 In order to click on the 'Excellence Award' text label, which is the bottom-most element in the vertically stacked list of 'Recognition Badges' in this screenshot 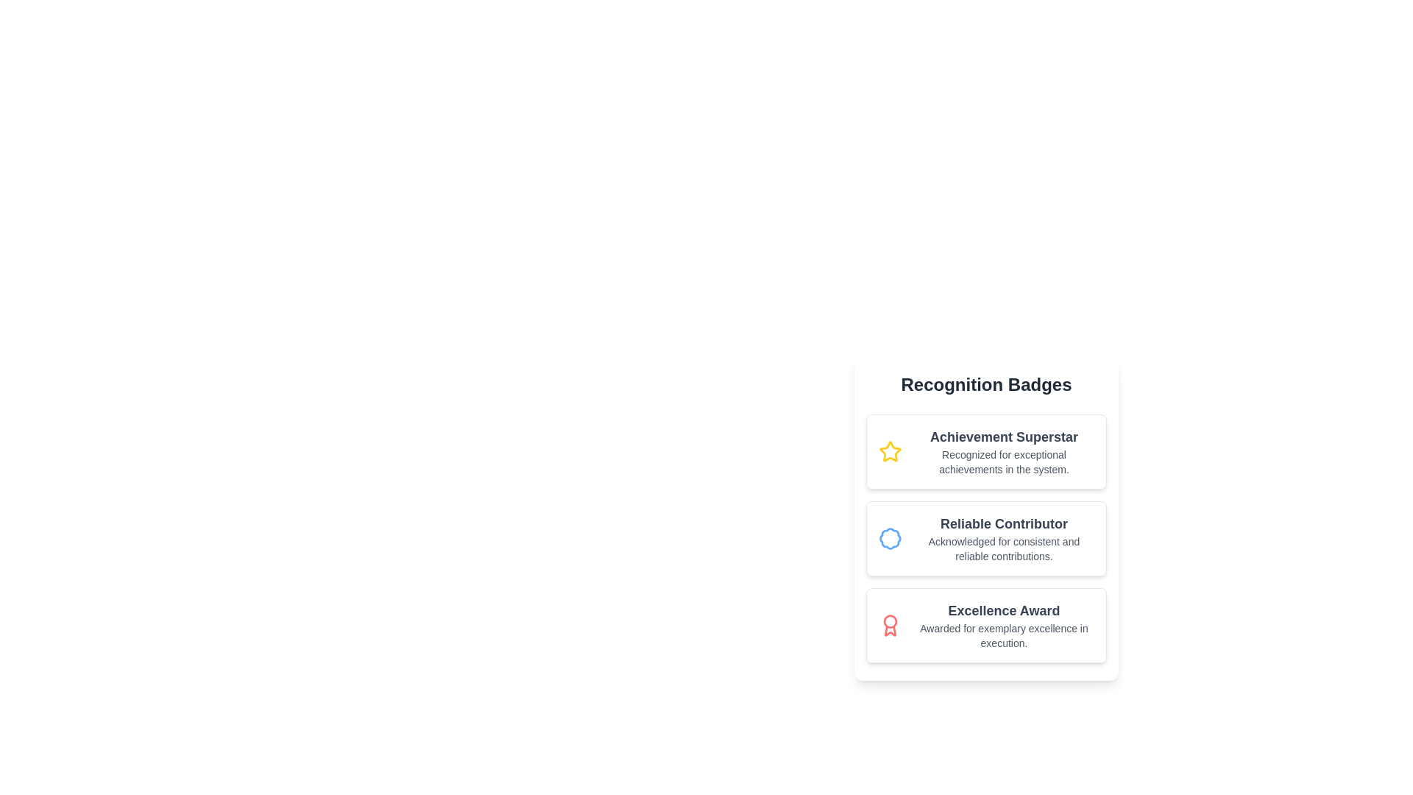, I will do `click(1003, 625)`.